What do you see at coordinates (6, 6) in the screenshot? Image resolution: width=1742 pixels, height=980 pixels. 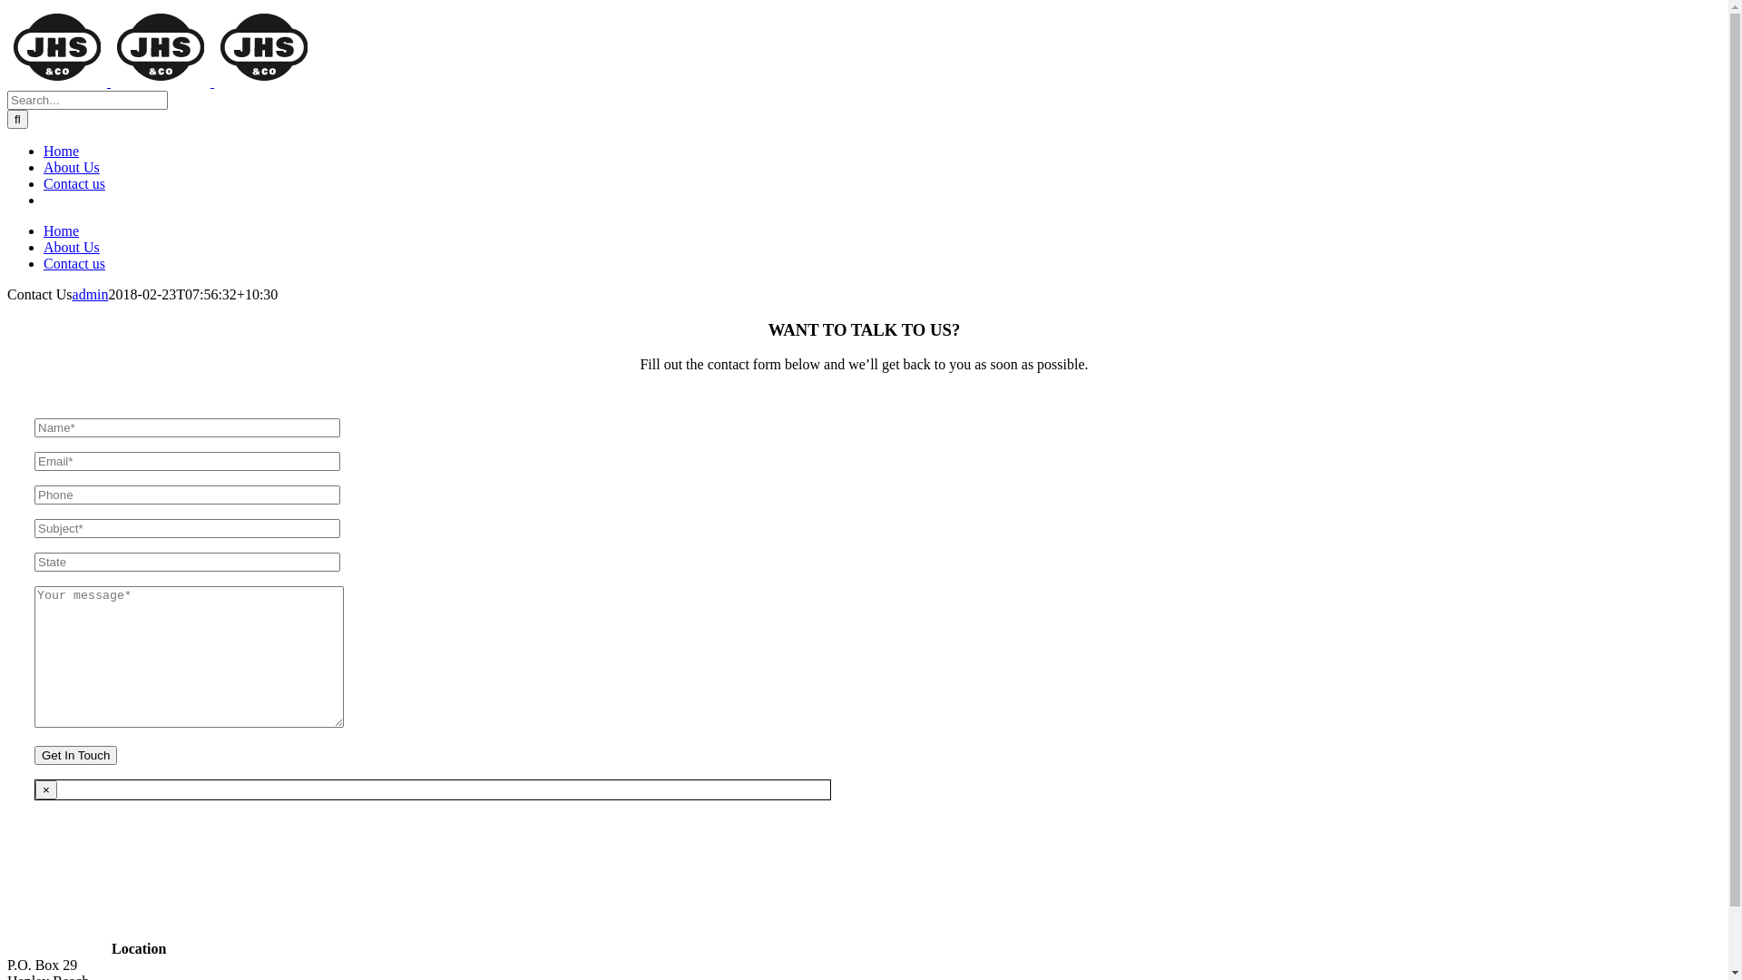 I see `'Skip to content'` at bounding box center [6, 6].